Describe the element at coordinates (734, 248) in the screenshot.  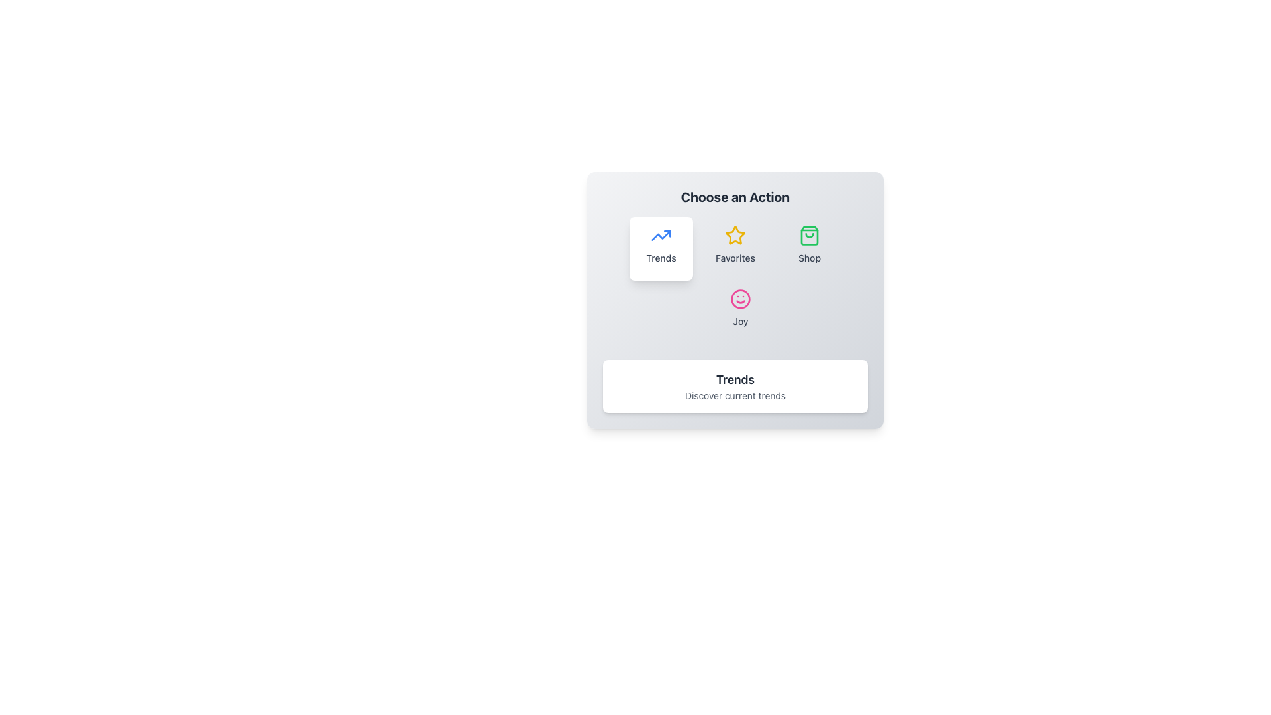
I see `the 'Favorites' button, which is the second button from the left in a row of four buttons` at that location.